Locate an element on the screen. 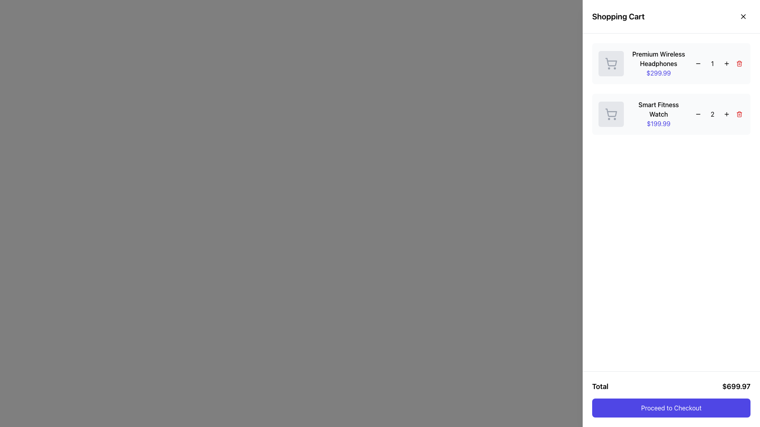  the text label displaying 'Premium Wireless Headphones' is located at coordinates (659, 59).